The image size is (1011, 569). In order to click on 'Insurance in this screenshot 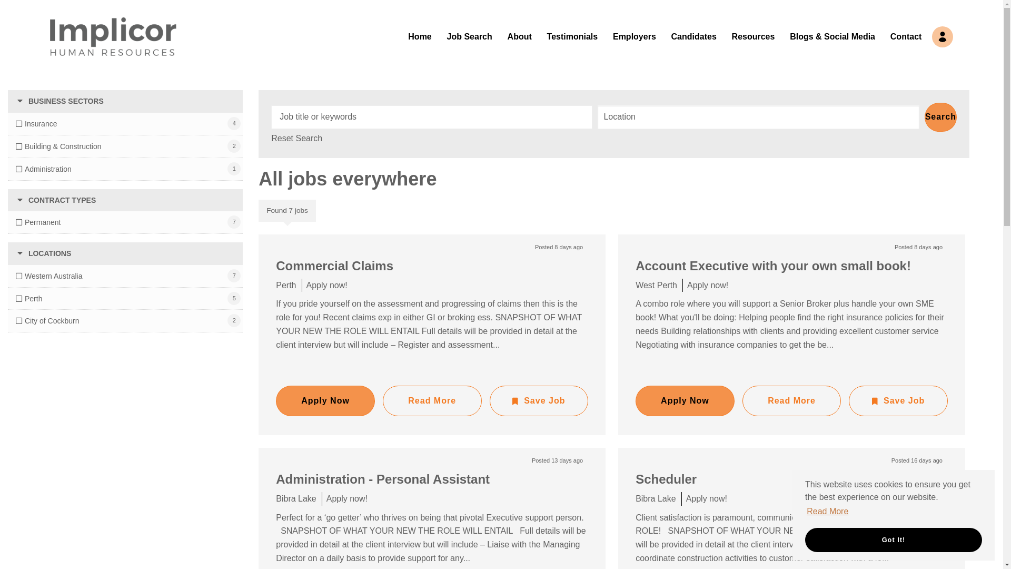, I will do `click(36, 123)`.